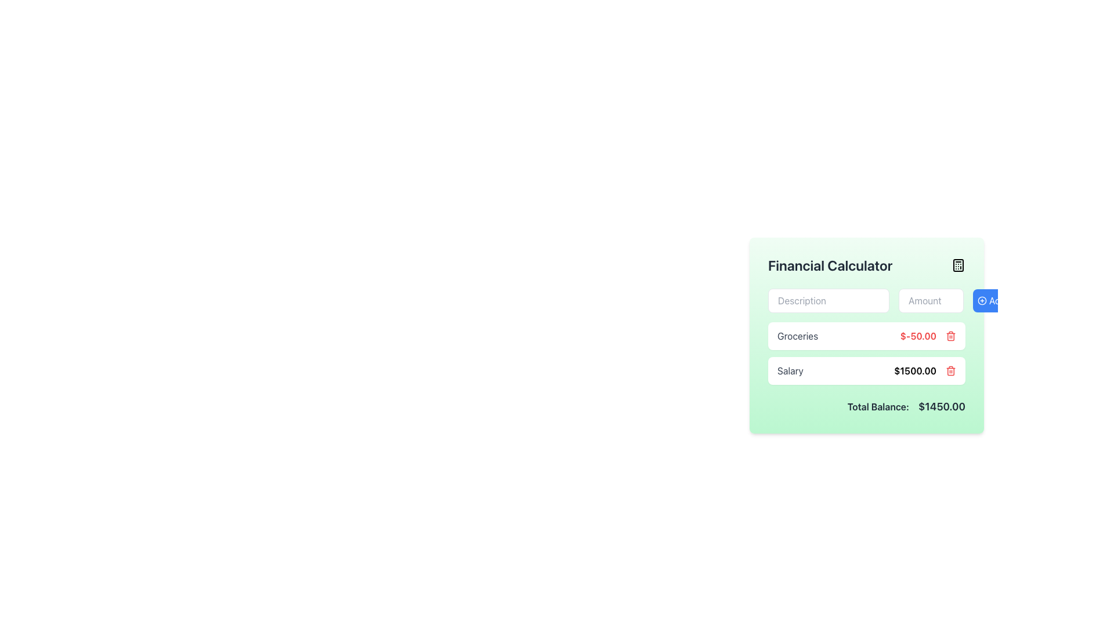  What do you see at coordinates (950, 337) in the screenshot?
I see `the trash can icon located near the '$1500.00' text in the 'Salary' row of the financial calculator interface` at bounding box center [950, 337].